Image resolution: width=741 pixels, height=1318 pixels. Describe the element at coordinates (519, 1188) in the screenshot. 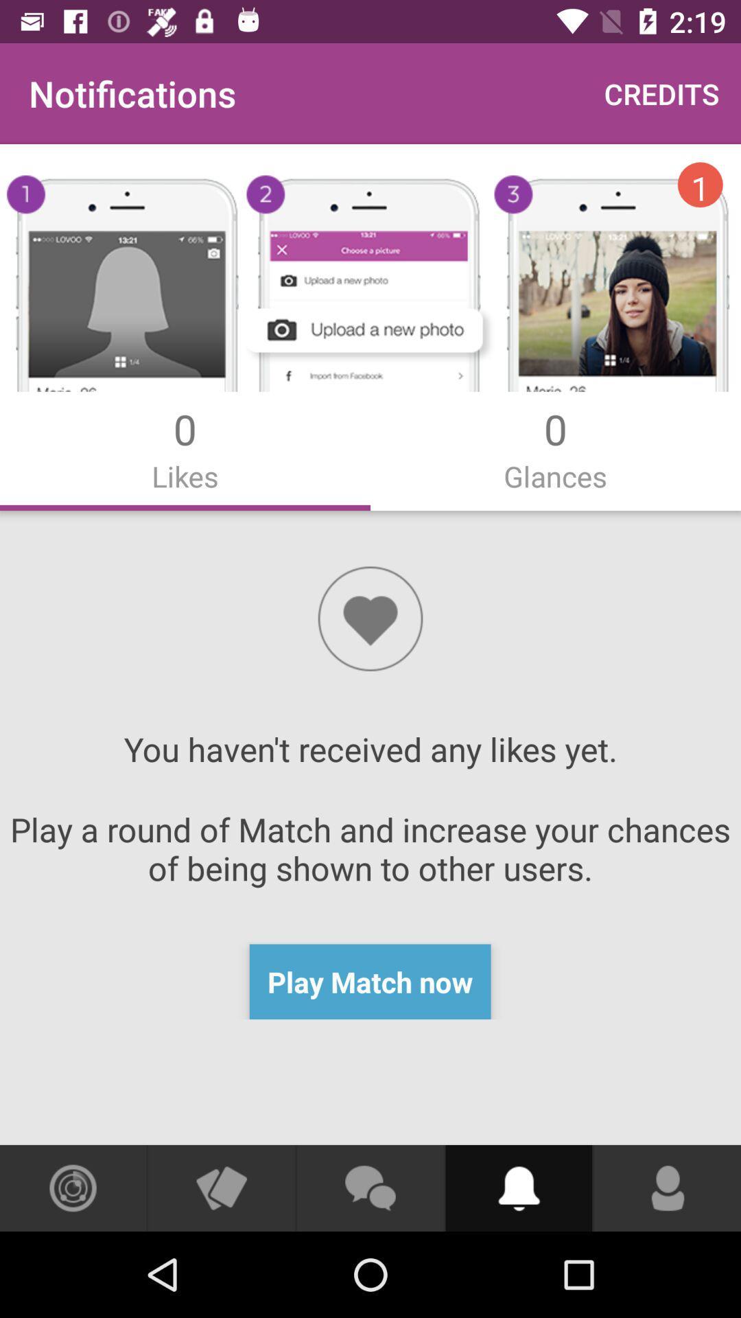

I see `to choose the sound options` at that location.